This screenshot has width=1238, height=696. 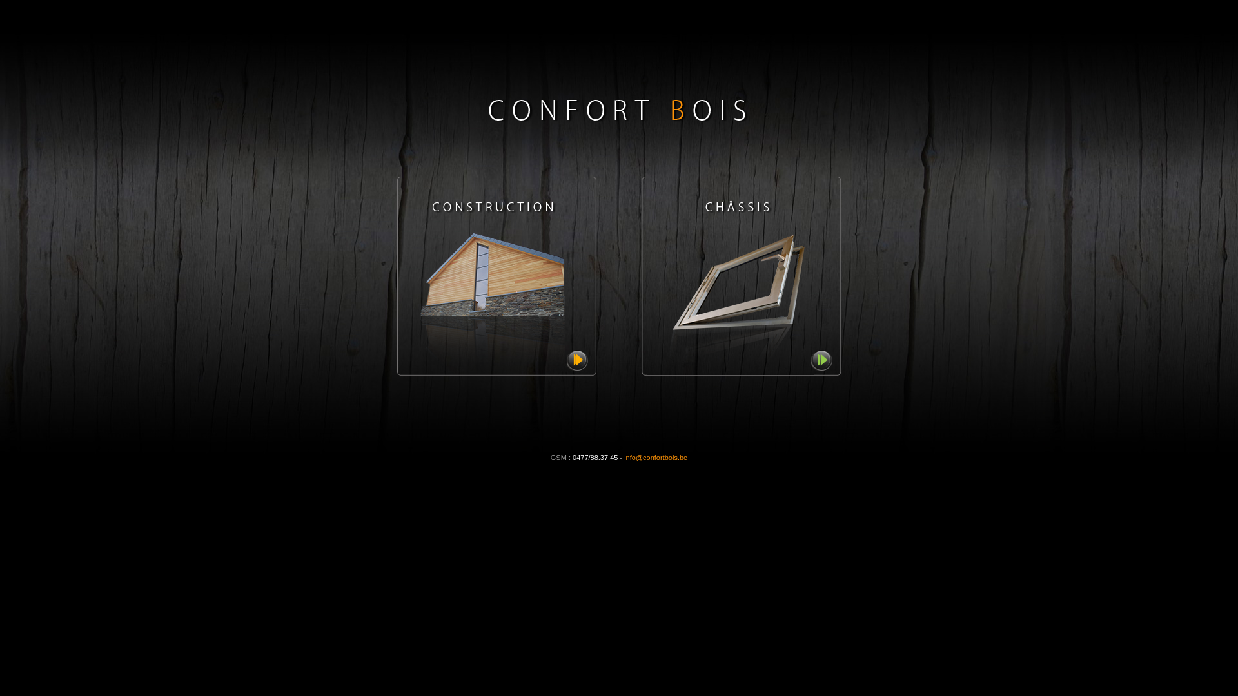 I want to click on 'info@confortbois.be', so click(x=656, y=456).